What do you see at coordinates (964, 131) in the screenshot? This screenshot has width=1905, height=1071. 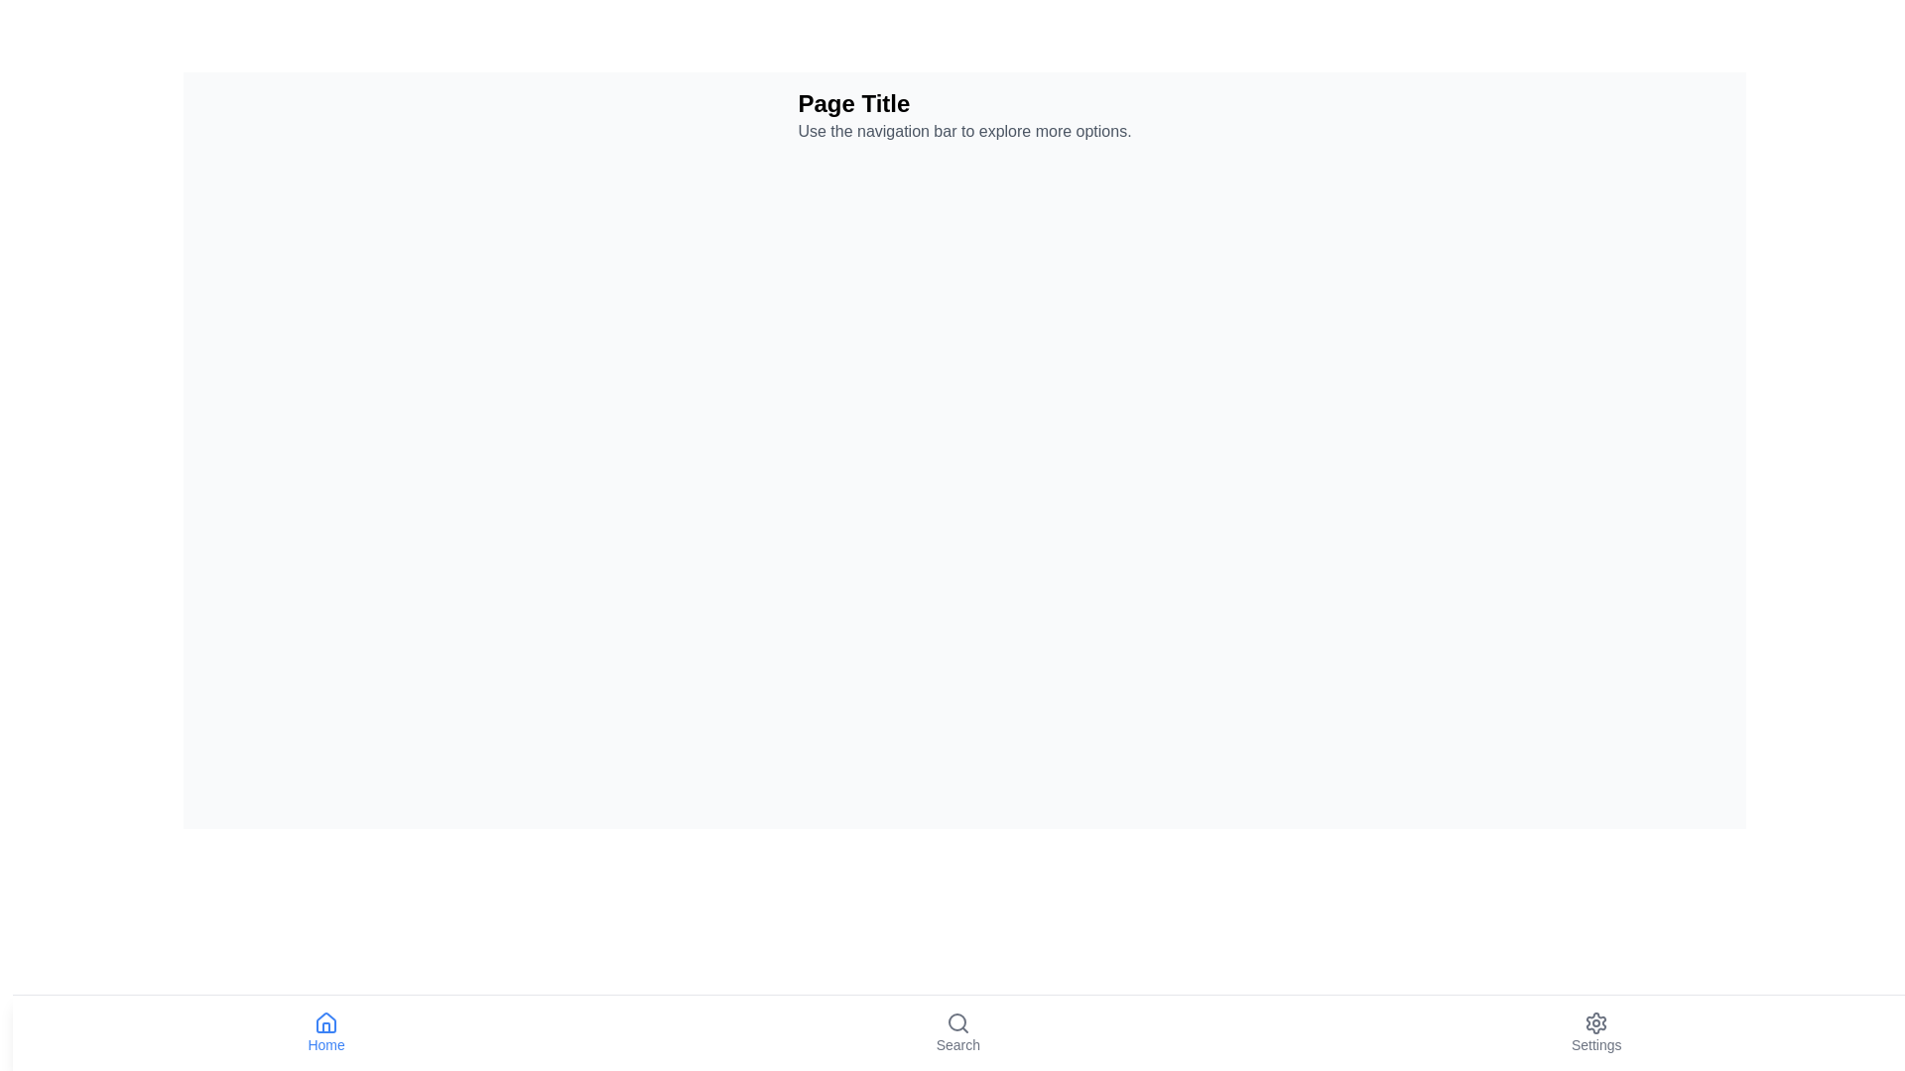 I see `the static text label located below the 'Page Title' heading, which guides users about the navigation bar options` at bounding box center [964, 131].